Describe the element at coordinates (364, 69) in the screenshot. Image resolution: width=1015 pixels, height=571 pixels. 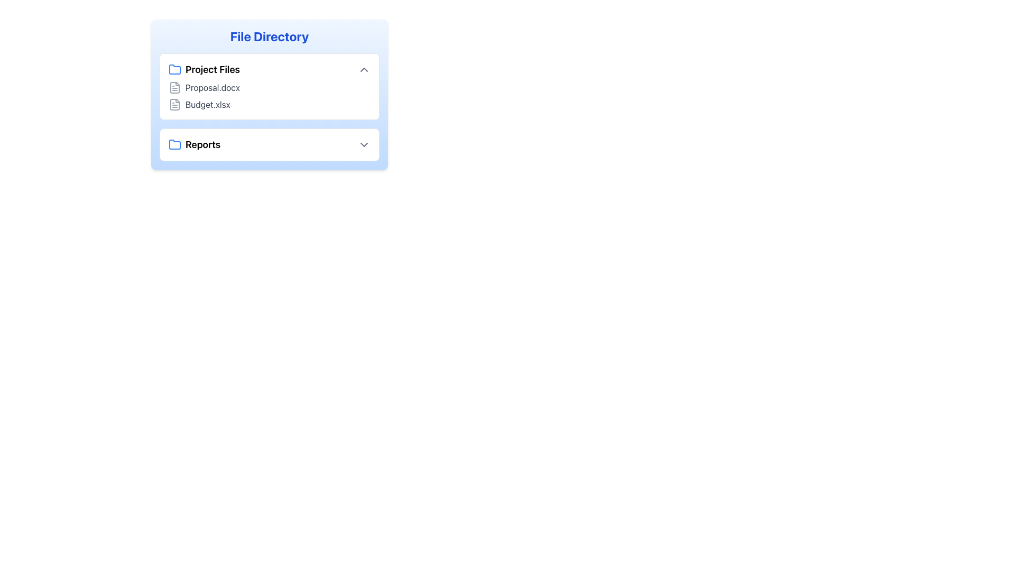
I see `the upward-facing chevron icon that represents the collapse action for the 'Project Files' section, enabling accessibility tools` at that location.